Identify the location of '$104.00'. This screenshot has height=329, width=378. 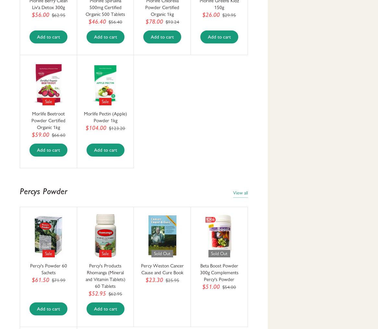
(96, 128).